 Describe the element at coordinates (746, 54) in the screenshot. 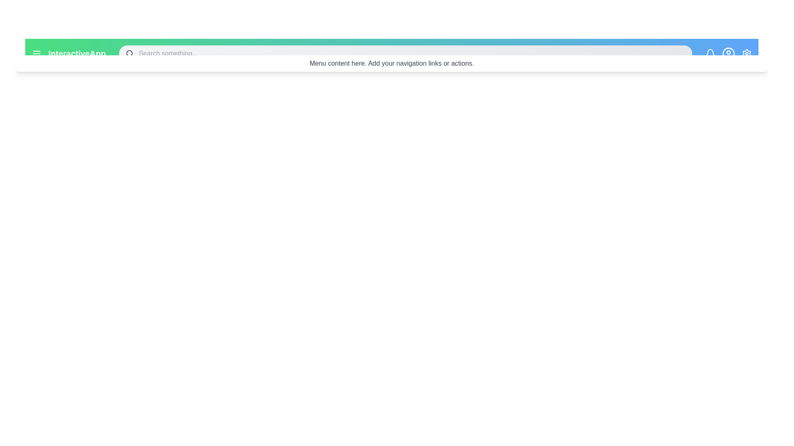

I see `the settings icon in the EnhancedActionBar` at that location.